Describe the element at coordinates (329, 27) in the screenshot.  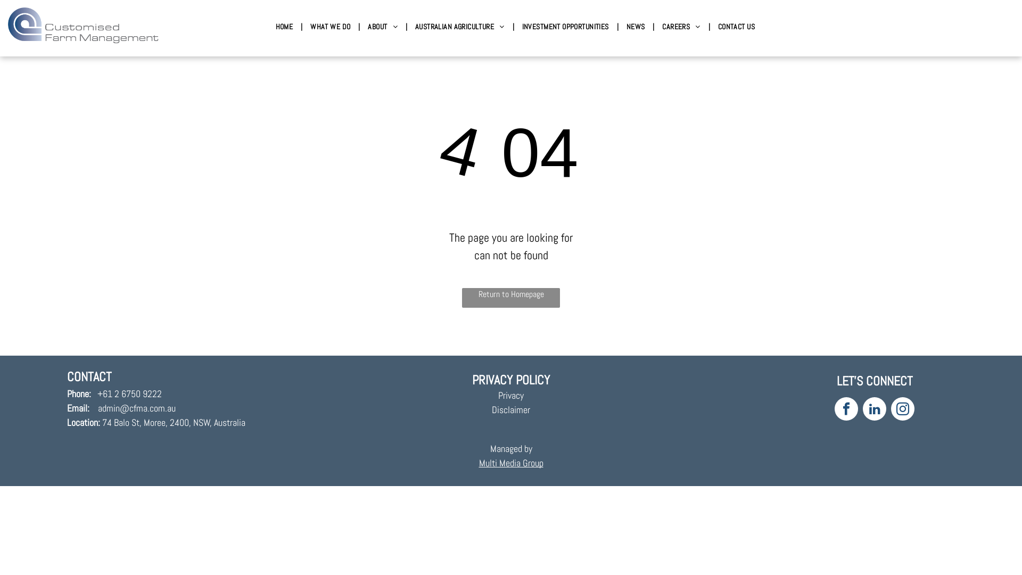
I see `'WHAT WE DO'` at that location.